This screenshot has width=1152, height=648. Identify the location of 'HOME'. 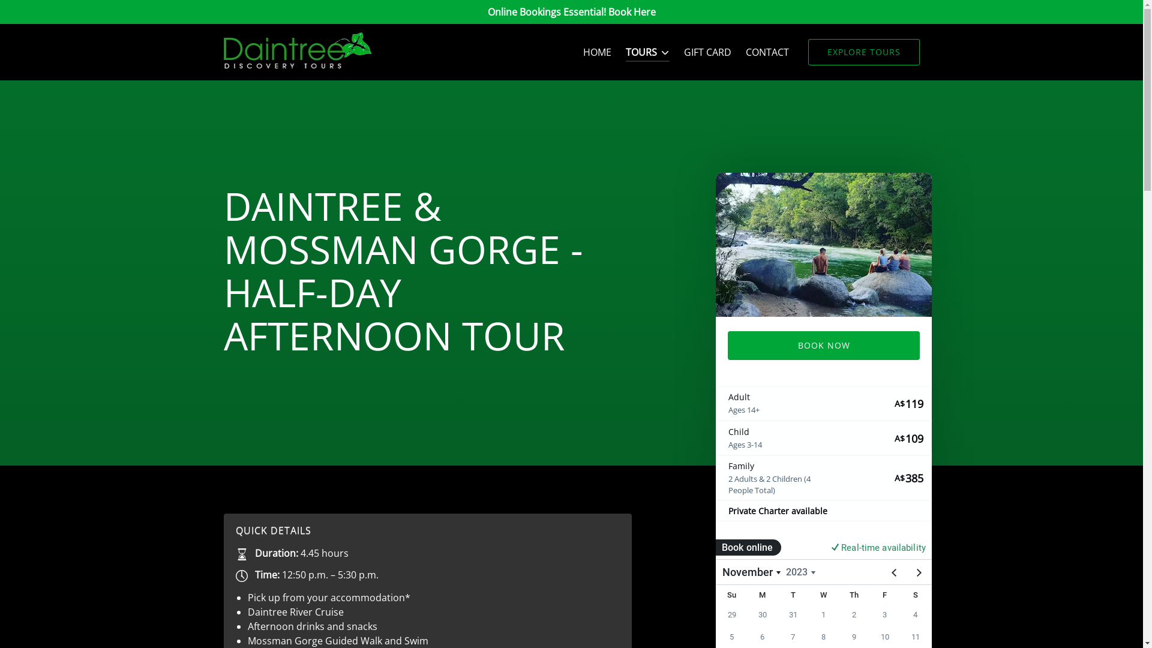
(597, 52).